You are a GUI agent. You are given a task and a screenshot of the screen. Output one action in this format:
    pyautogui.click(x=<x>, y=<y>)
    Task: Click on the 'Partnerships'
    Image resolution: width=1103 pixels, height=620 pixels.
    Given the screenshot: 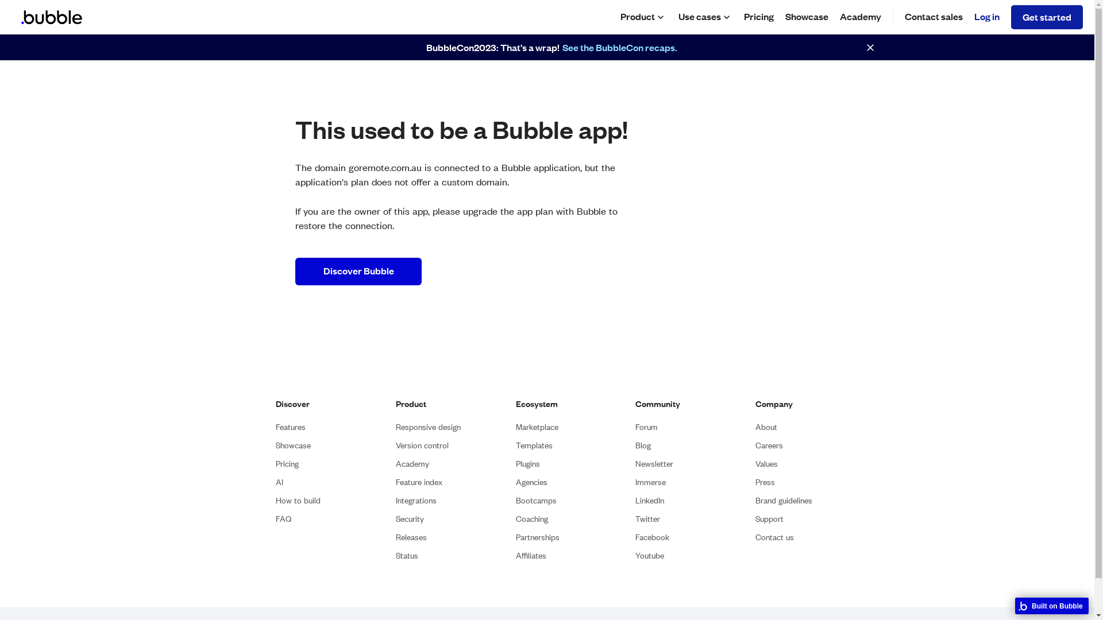 What is the action you would take?
    pyautogui.click(x=537, y=537)
    